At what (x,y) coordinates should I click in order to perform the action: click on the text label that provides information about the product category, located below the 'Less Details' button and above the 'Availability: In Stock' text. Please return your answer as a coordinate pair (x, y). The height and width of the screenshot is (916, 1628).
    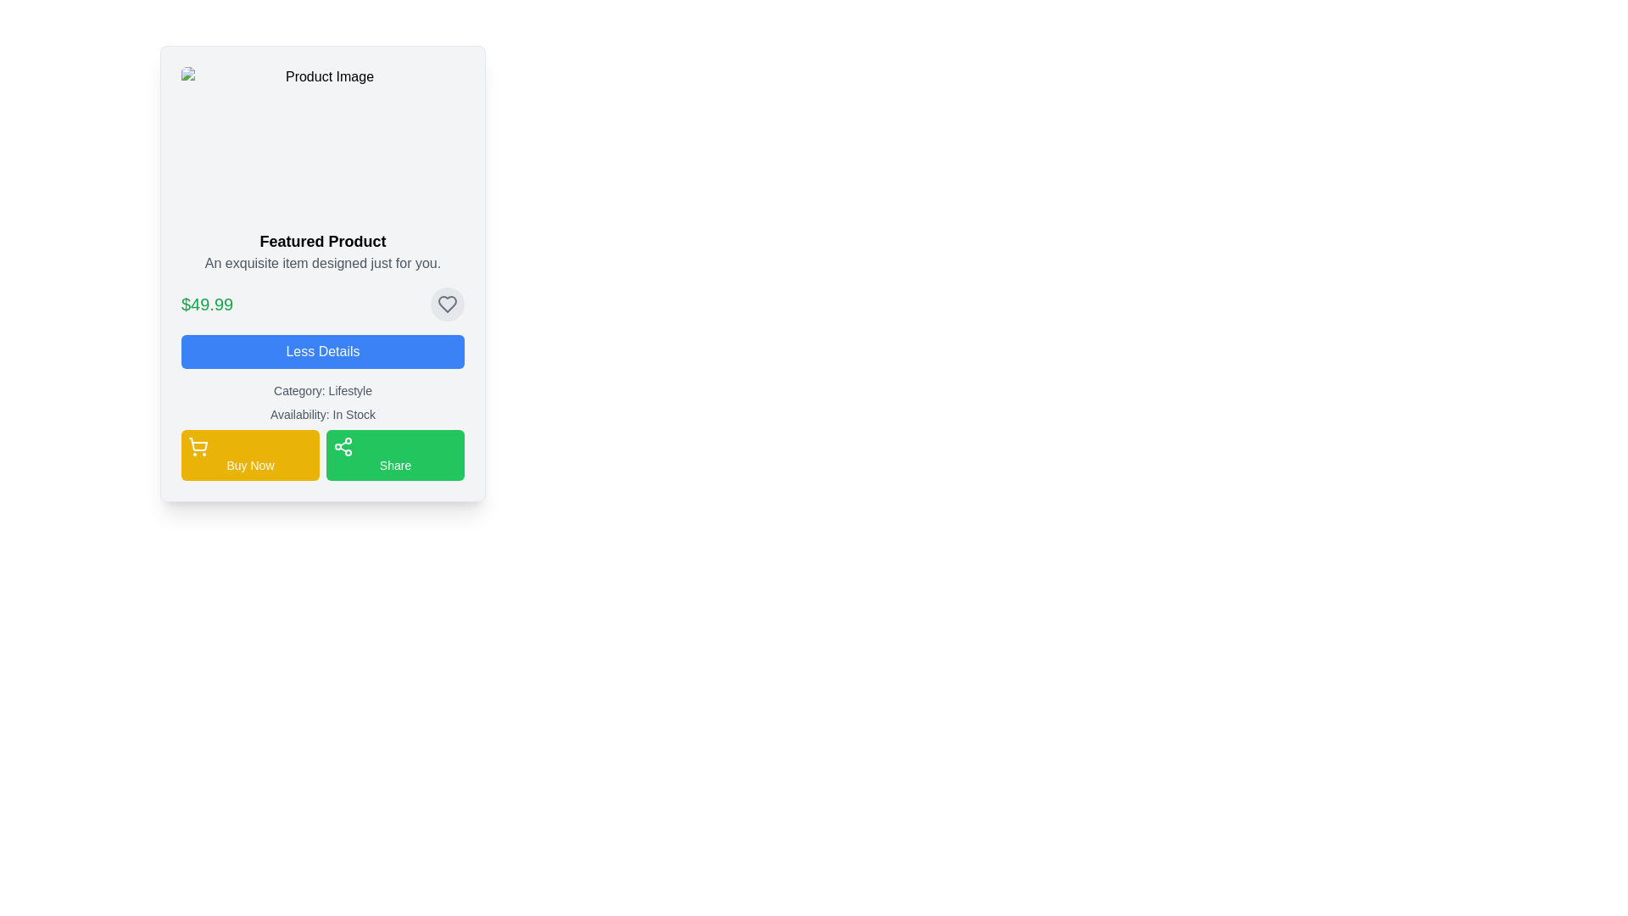
    Looking at the image, I should click on (322, 391).